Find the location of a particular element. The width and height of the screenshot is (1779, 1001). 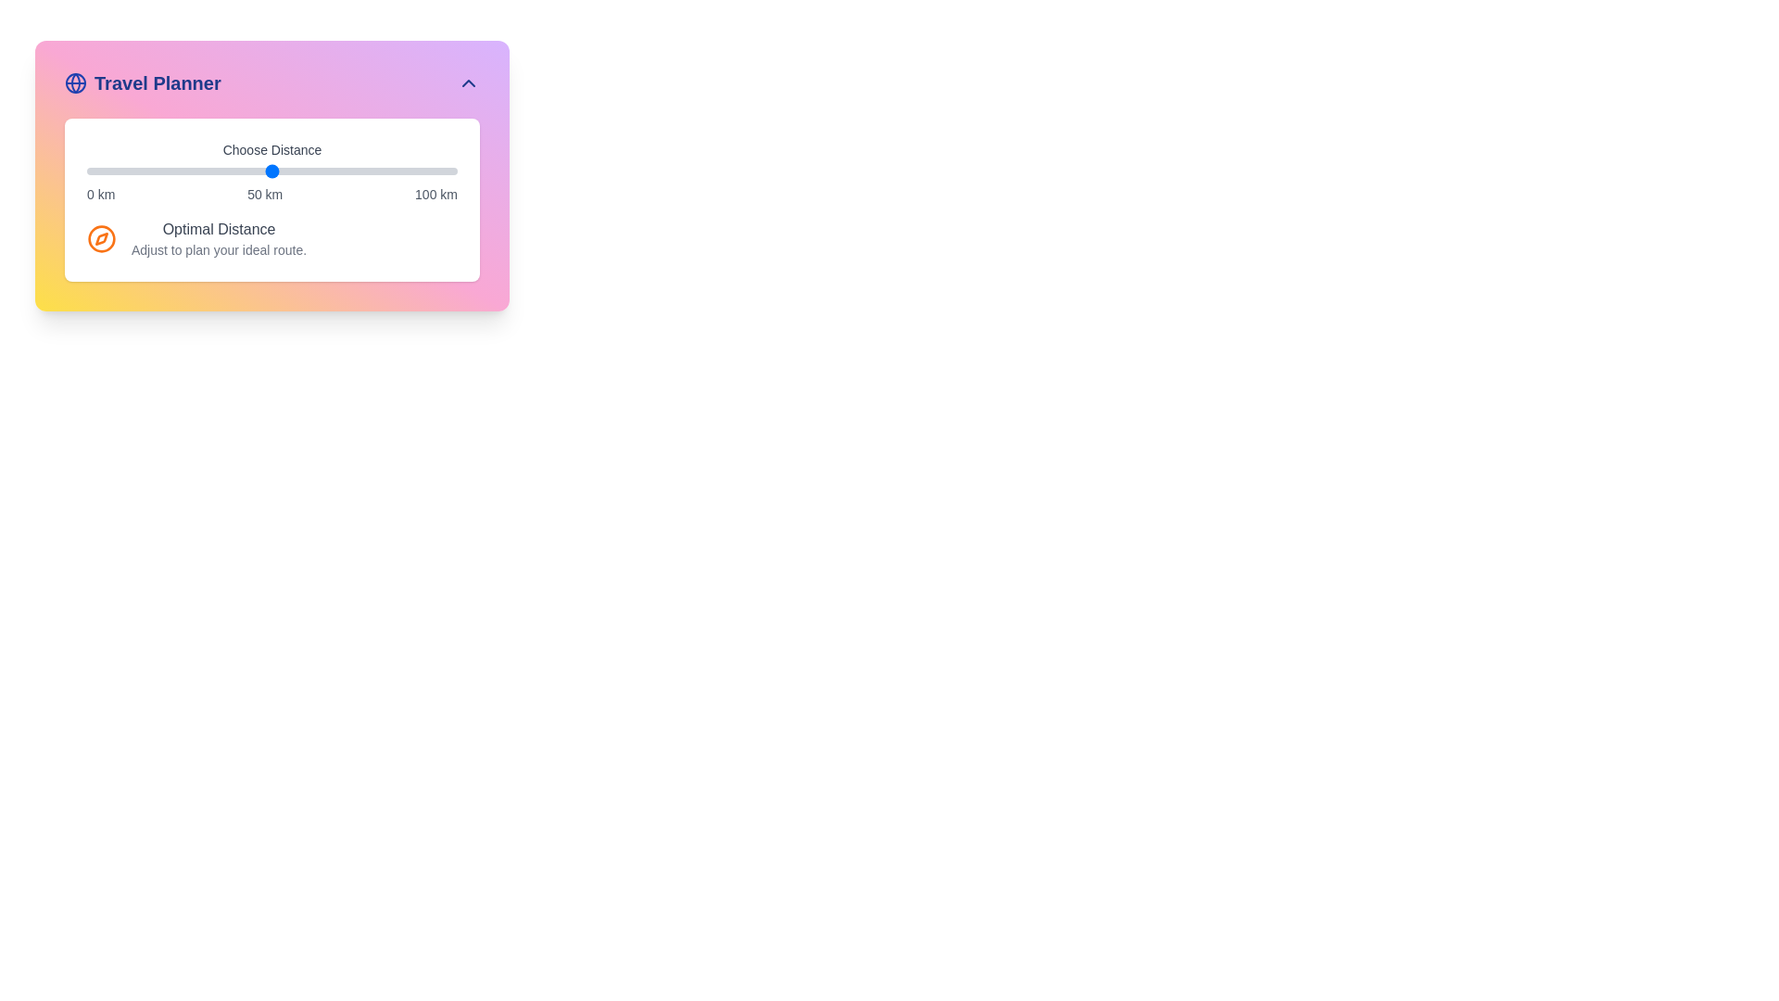

the distance slider is located at coordinates (338, 171).